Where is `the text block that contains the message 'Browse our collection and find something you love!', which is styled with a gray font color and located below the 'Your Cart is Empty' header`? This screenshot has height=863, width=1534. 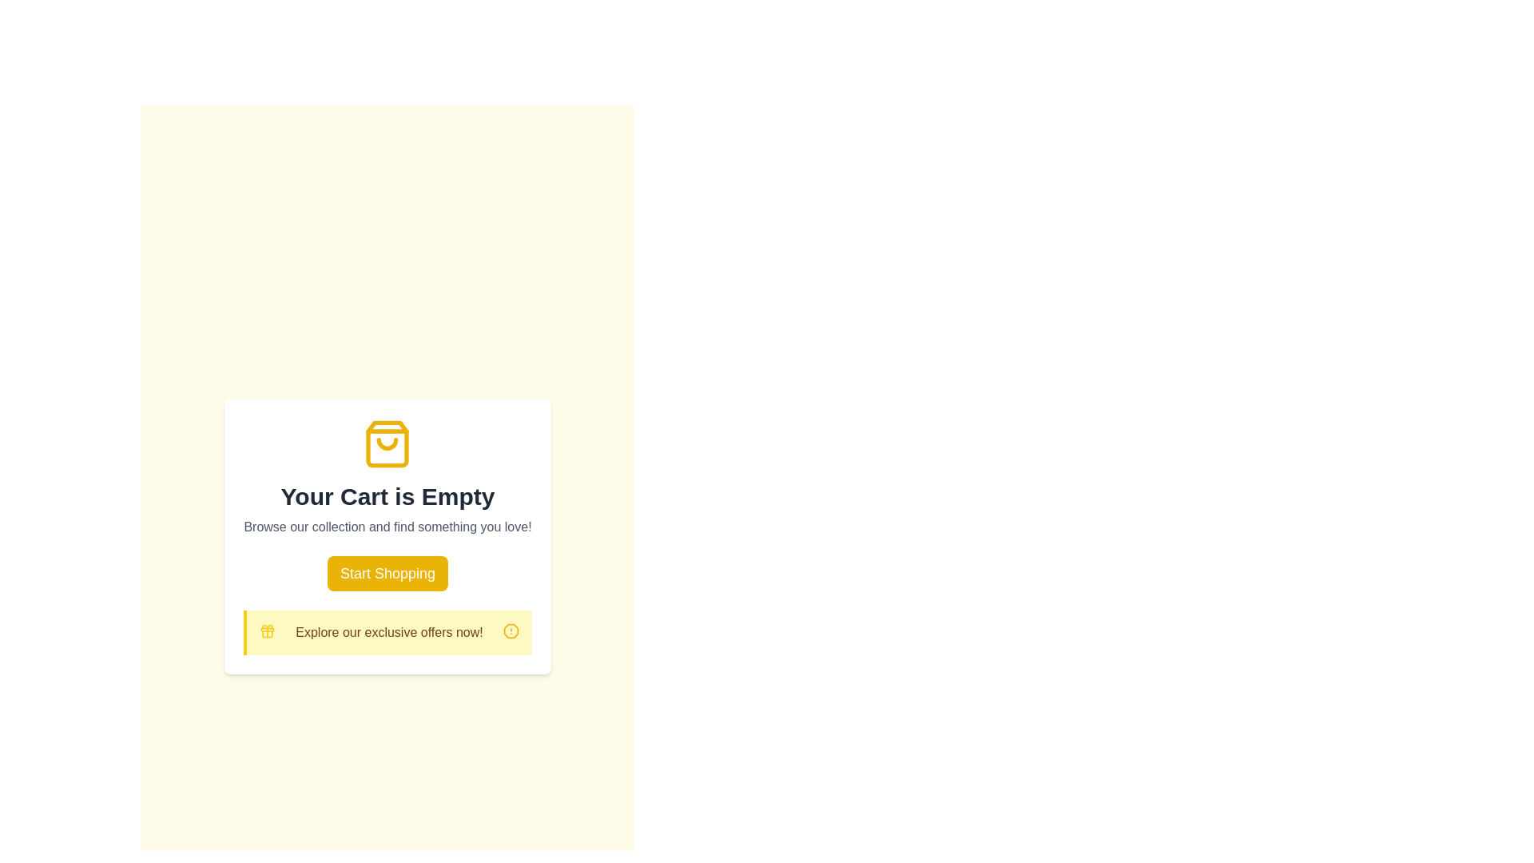
the text block that contains the message 'Browse our collection and find something you love!', which is styled with a gray font color and located below the 'Your Cart is Empty' header is located at coordinates (387, 527).